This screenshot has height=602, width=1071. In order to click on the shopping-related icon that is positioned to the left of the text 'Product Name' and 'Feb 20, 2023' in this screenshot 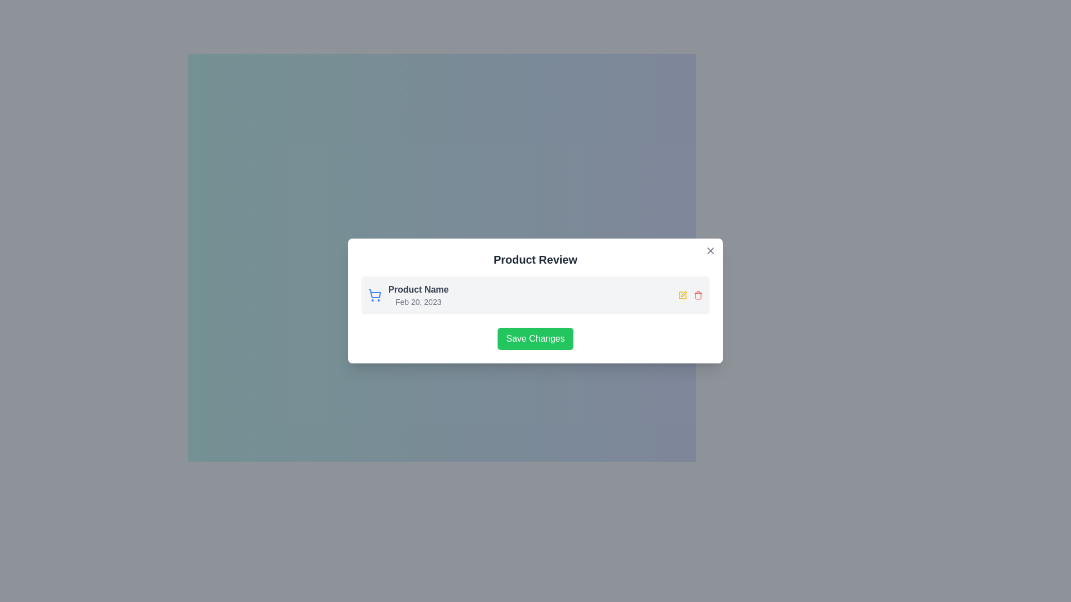, I will do `click(375, 294)`.